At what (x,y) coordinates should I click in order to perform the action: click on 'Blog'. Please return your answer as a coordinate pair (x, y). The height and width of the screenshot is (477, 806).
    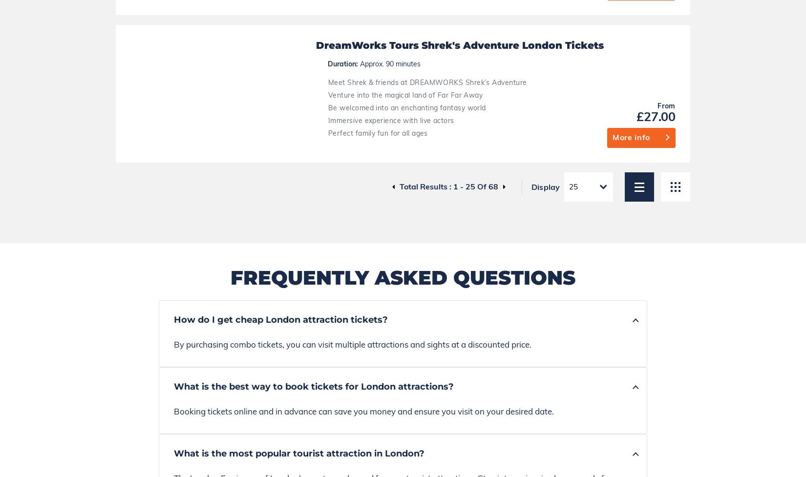
    Looking at the image, I should click on (313, 353).